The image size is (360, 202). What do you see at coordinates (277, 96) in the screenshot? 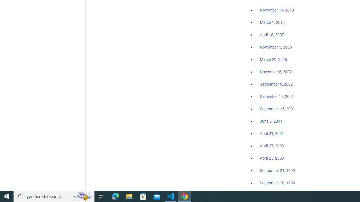
I see `'December 17, 2001'` at bounding box center [277, 96].